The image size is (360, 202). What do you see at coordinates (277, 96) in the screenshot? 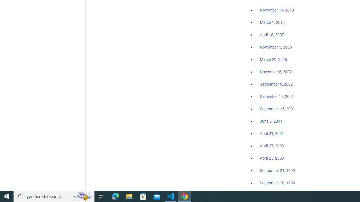
I see `'December 17, 2001'` at bounding box center [277, 96].